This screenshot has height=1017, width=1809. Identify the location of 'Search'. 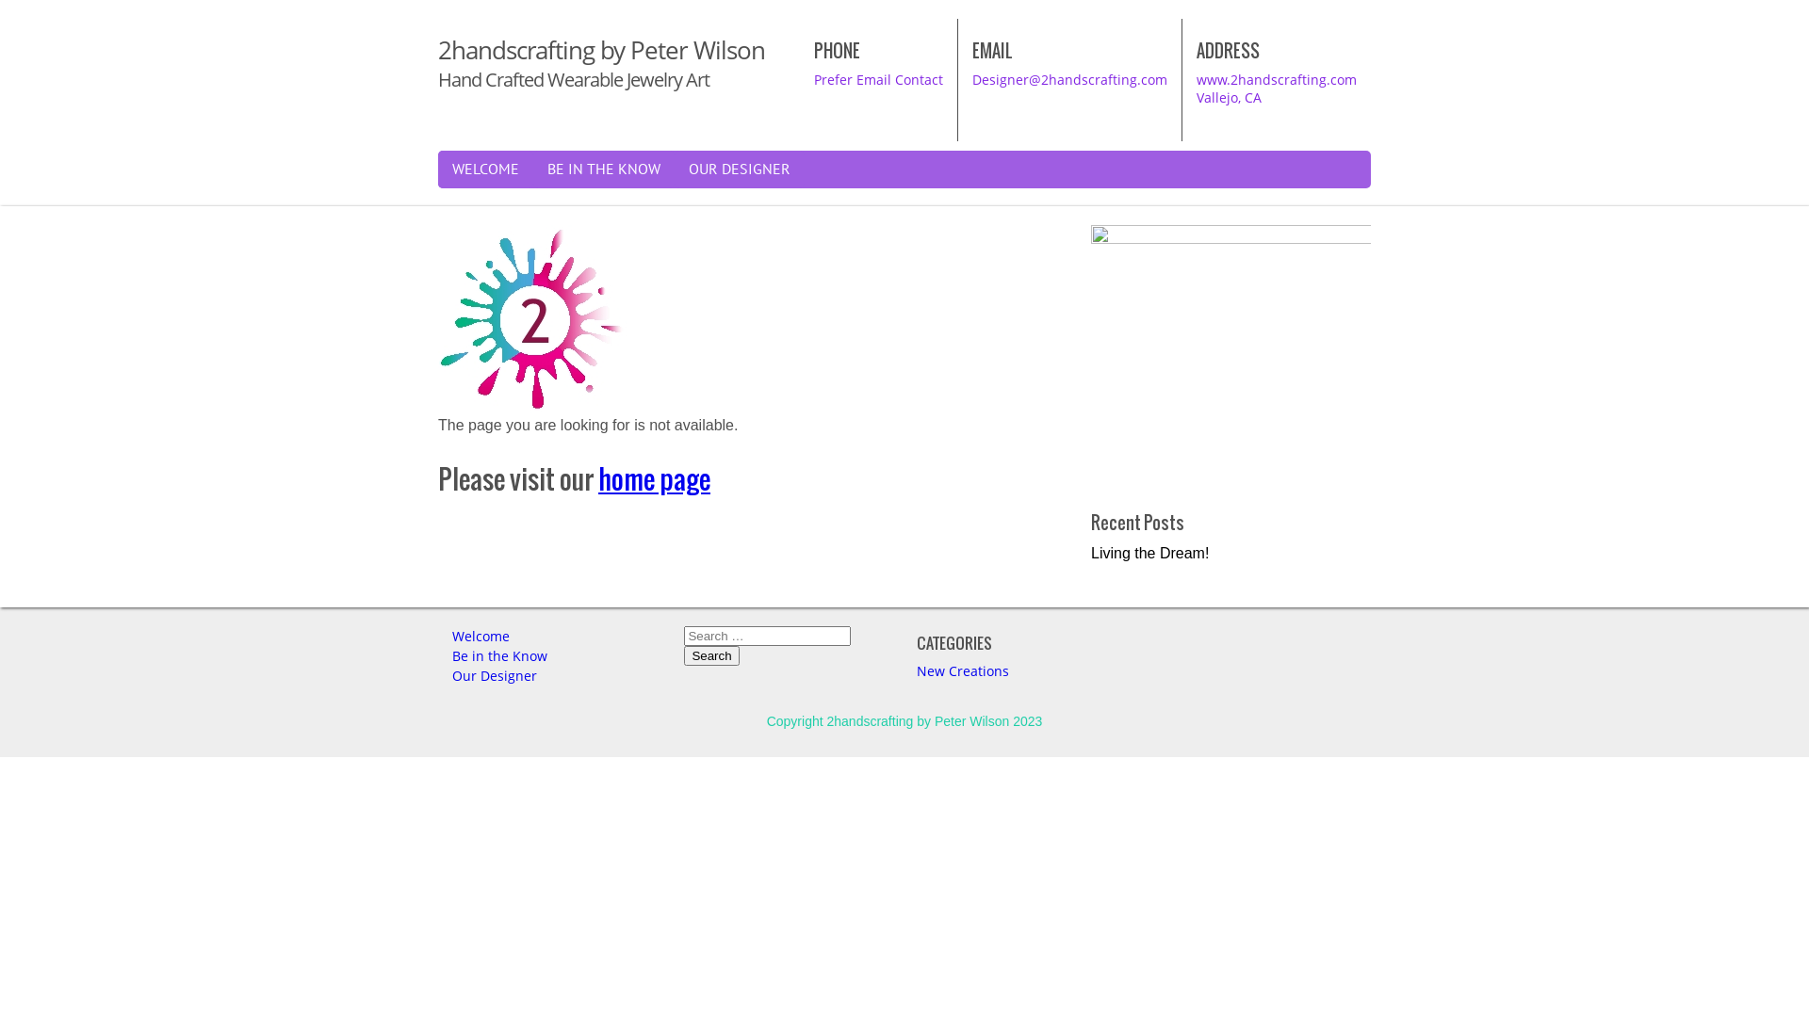
(709, 654).